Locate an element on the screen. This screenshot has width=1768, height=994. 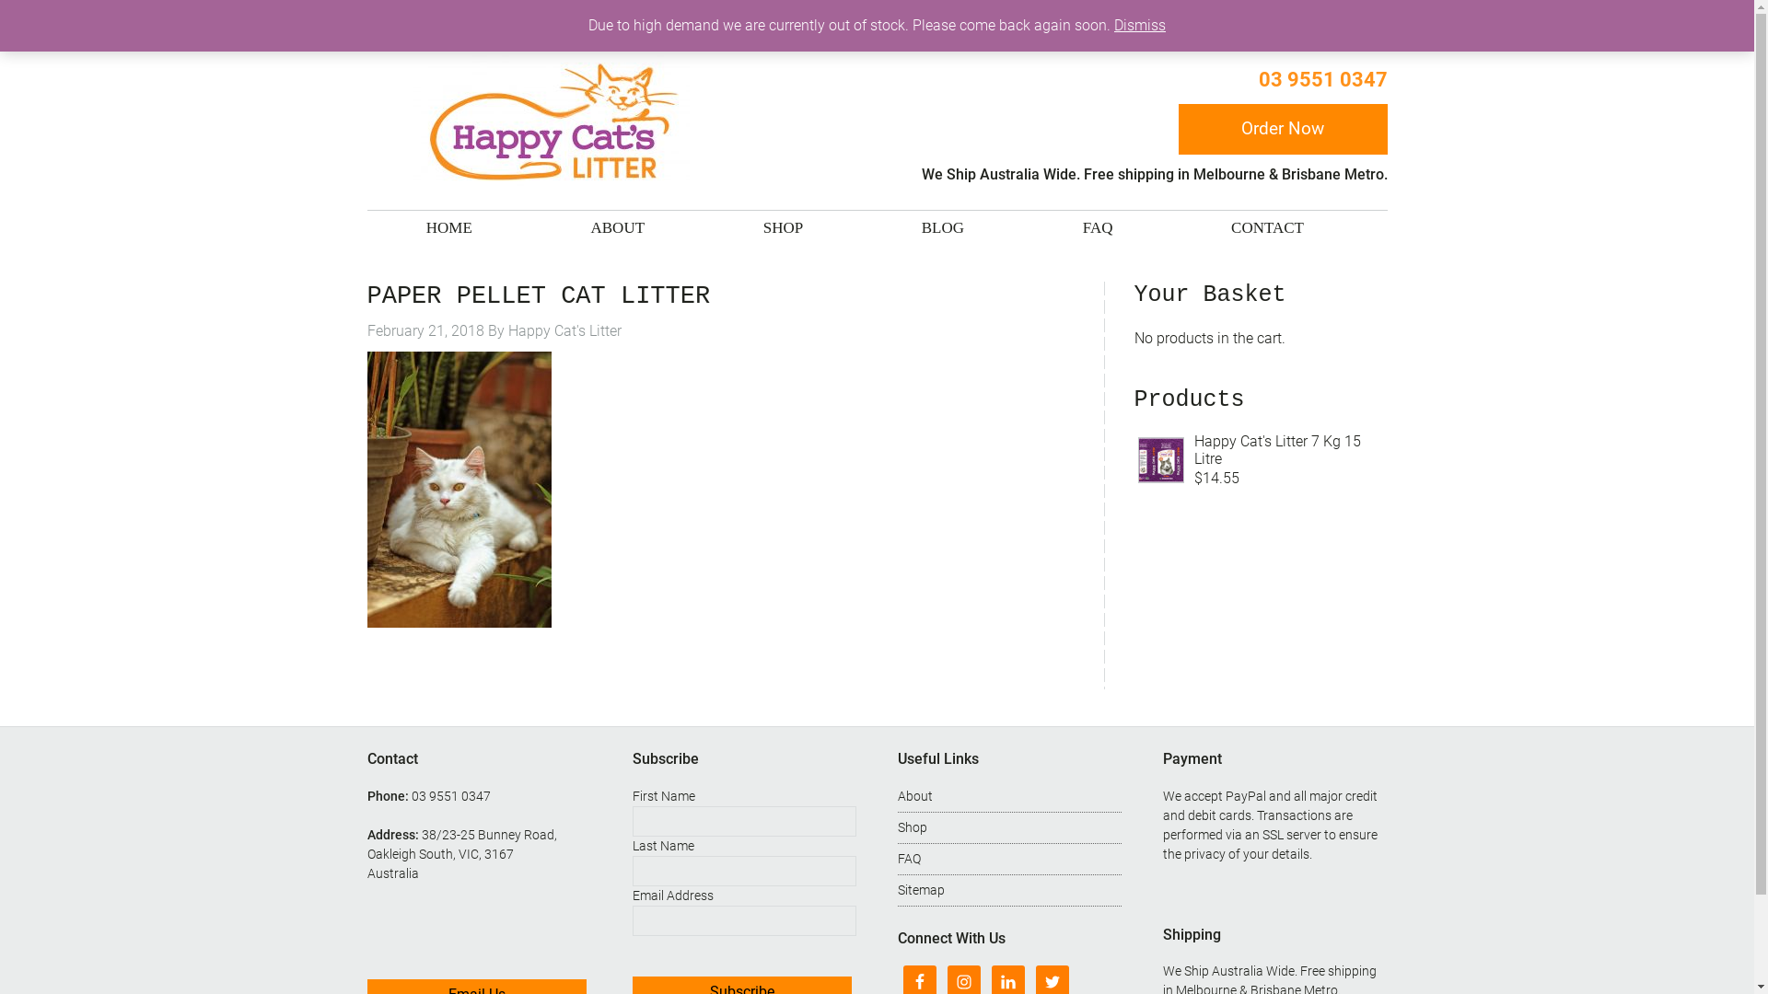
'HAPPY CAT'S LITTER' is located at coordinates (550, 123).